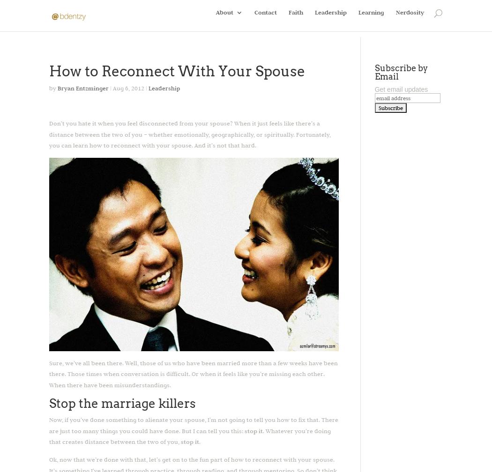 Image resolution: width=492 pixels, height=472 pixels. Describe the element at coordinates (199, 441) in the screenshot. I see `'.'` at that location.